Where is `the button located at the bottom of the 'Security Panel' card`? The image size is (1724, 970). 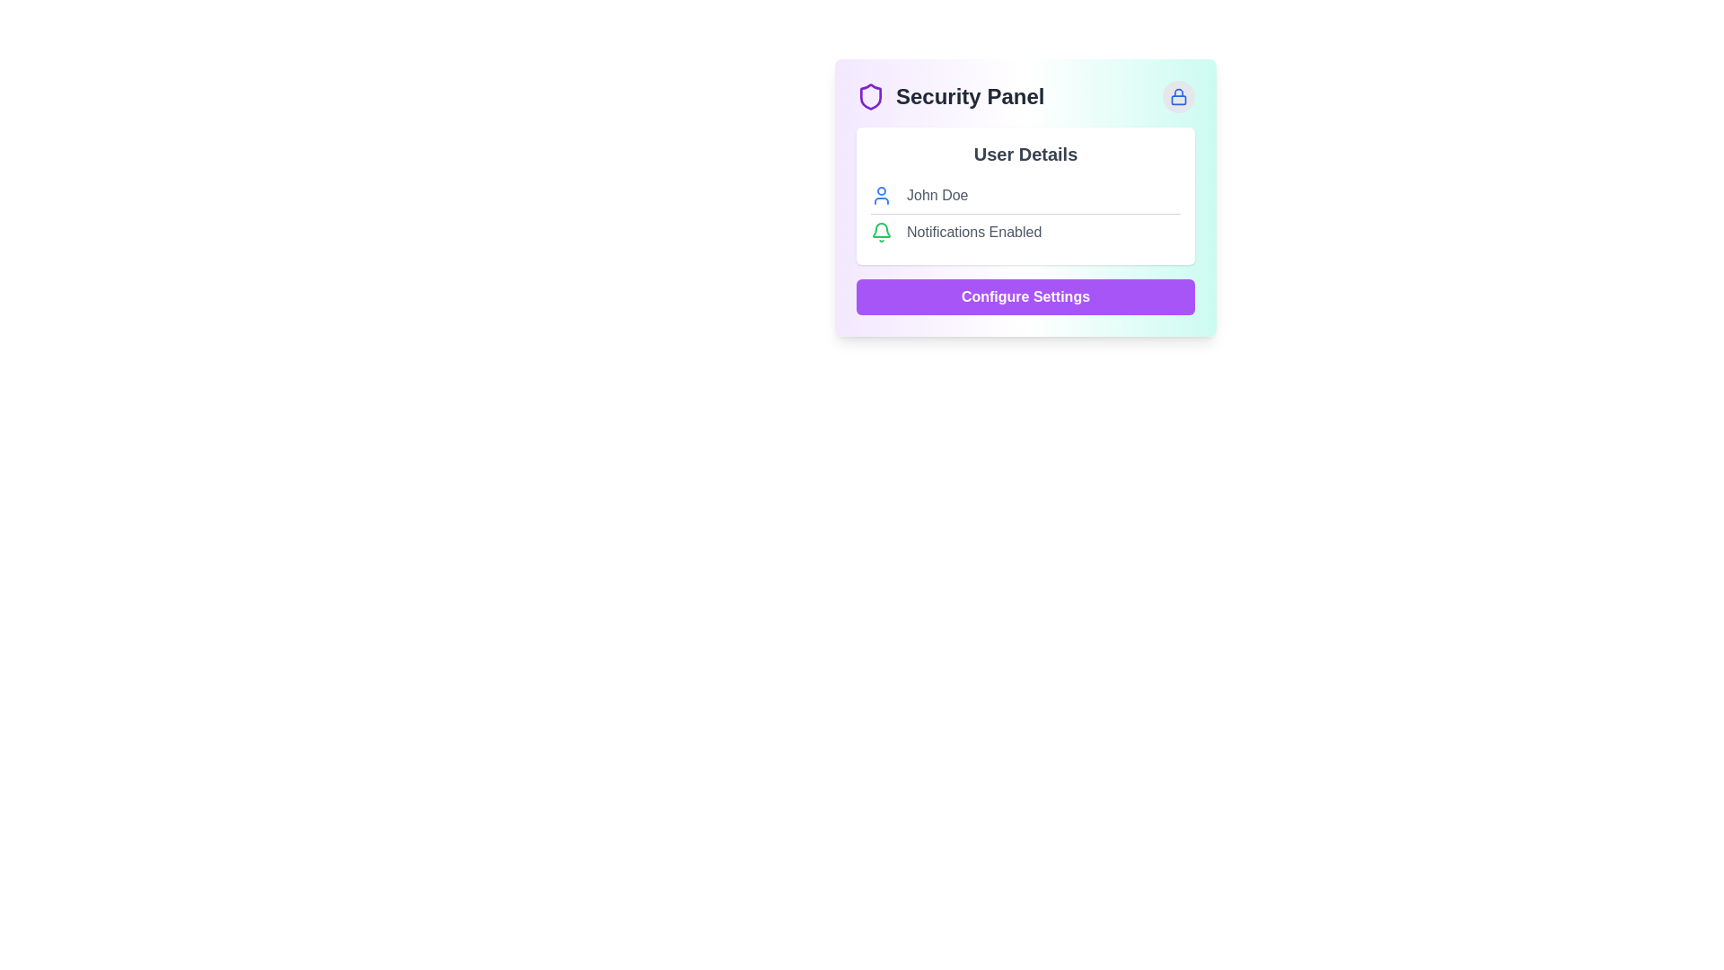 the button located at the bottom of the 'Security Panel' card is located at coordinates (1025, 296).